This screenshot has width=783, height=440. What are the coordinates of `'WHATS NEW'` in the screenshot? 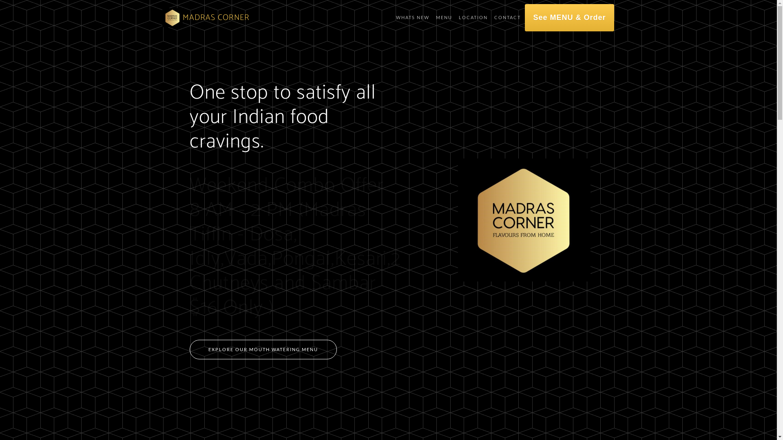 It's located at (413, 18).